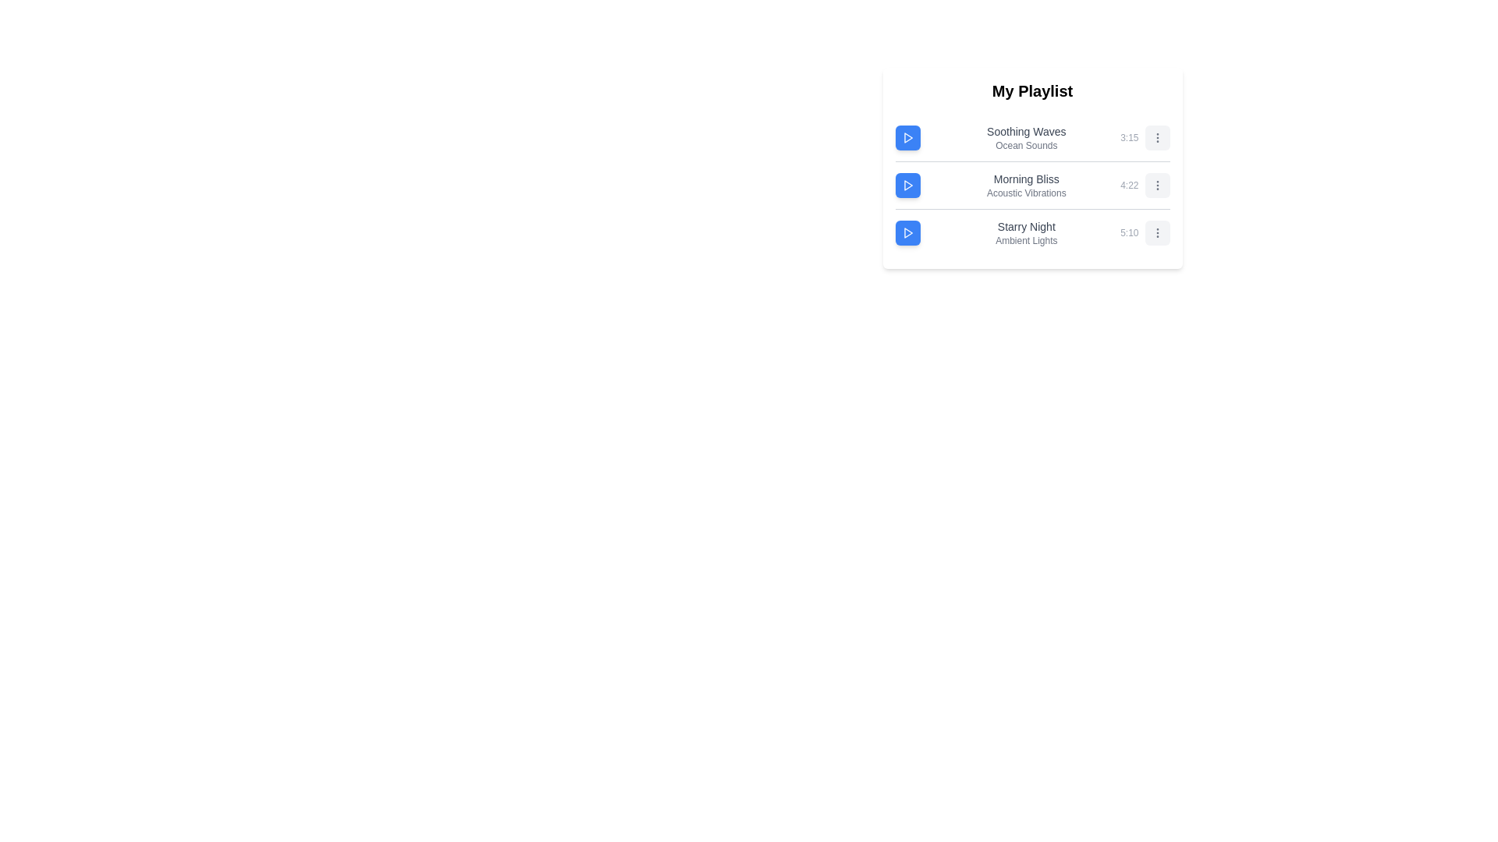  What do you see at coordinates (1026, 185) in the screenshot?
I see `the text block displaying 'Morning Bliss' and 'Acoustic Vibrations', which is part of a playlist entry positioned between the duration '4:22' and a play button` at bounding box center [1026, 185].